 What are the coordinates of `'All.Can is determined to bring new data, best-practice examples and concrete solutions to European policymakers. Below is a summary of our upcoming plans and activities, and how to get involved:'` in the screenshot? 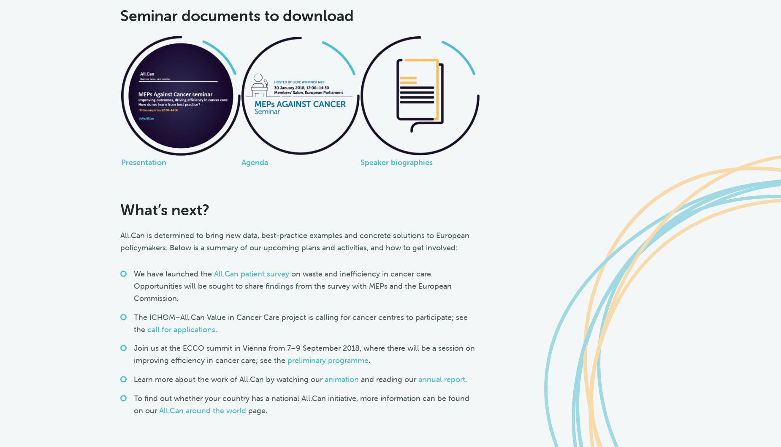 It's located at (294, 241).